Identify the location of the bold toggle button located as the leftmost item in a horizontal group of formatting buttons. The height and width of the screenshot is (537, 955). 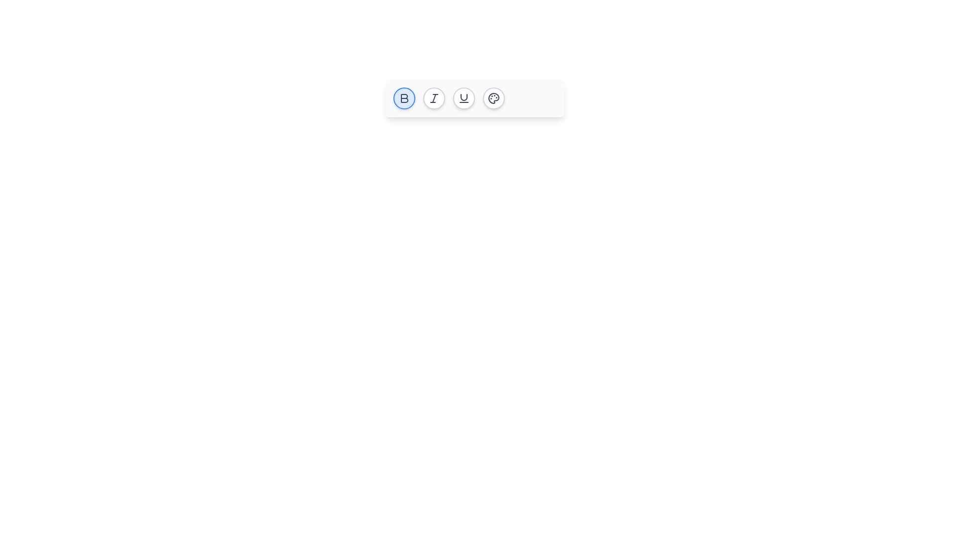
(404, 98).